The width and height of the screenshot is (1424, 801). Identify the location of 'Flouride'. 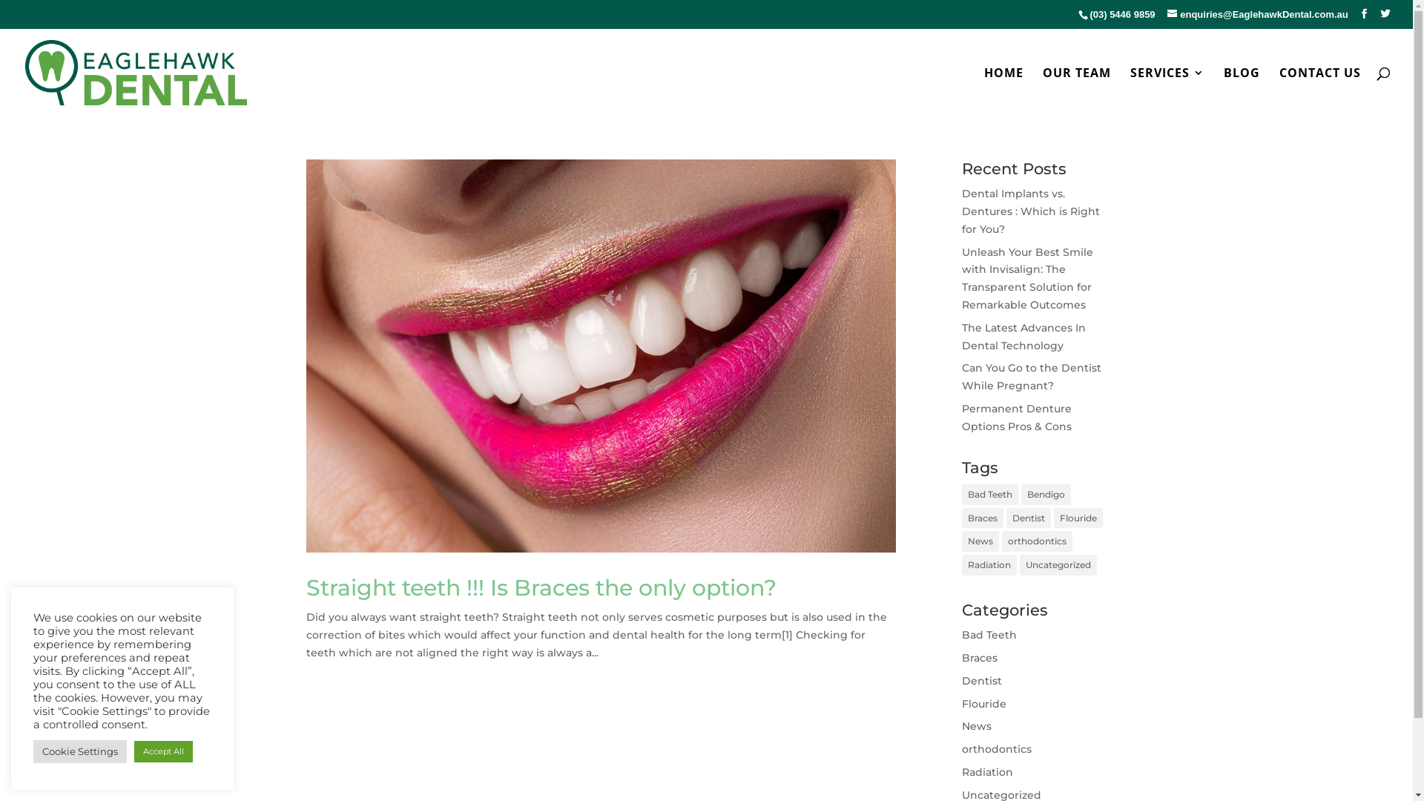
(983, 702).